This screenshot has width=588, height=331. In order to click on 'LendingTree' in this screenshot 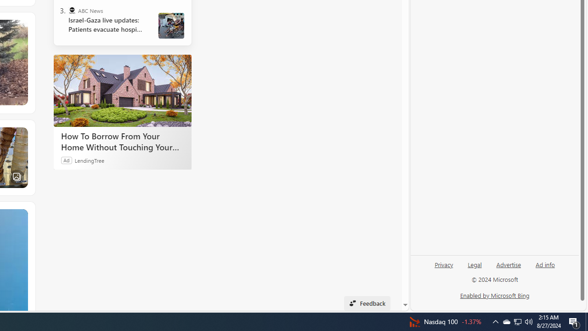, I will do `click(90, 160)`.